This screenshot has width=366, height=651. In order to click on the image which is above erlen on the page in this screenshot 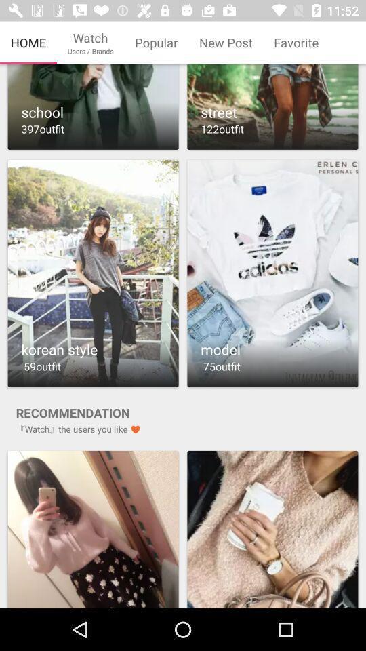, I will do `click(272, 106)`.